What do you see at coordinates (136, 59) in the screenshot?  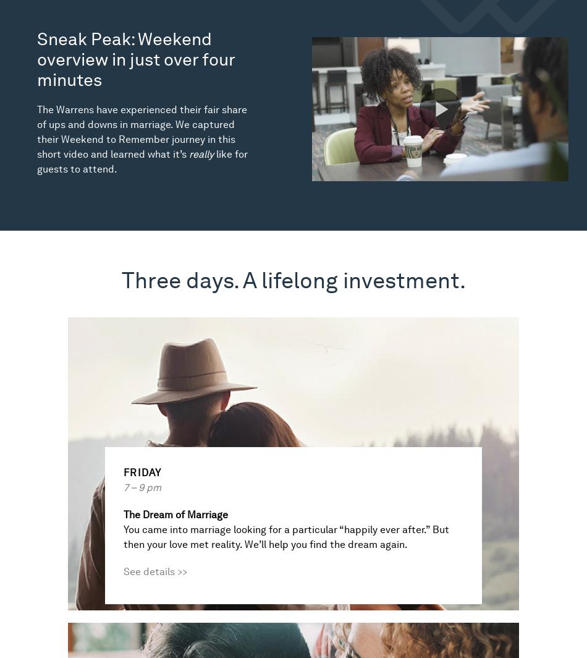 I see `'Sneak Peak: Weekend overview in just over four minutes'` at bounding box center [136, 59].